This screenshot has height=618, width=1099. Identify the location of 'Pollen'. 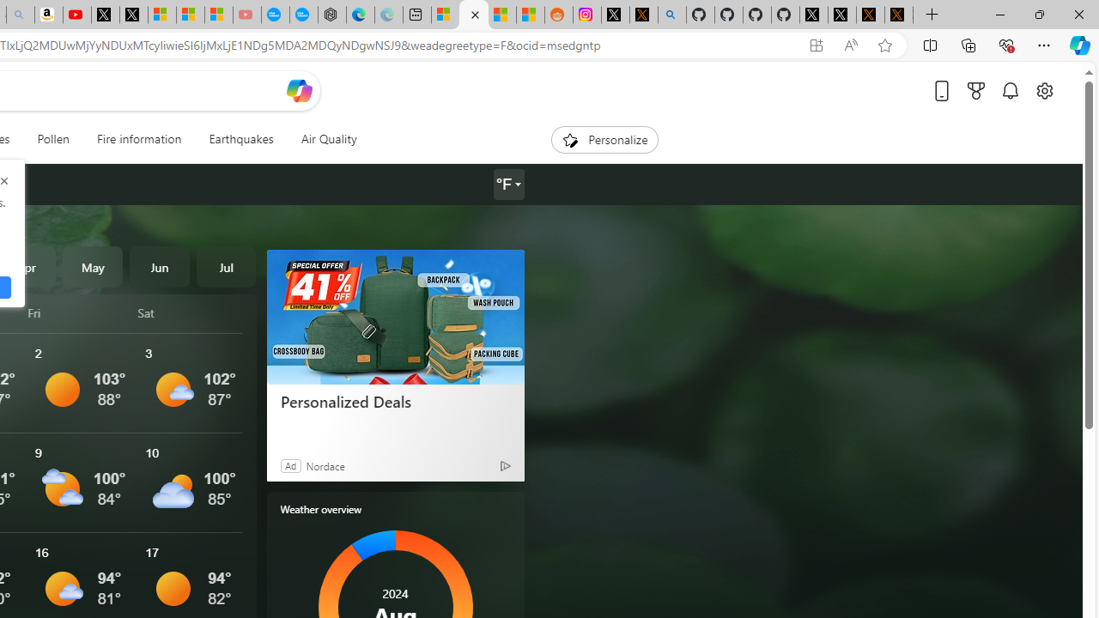
(53, 139).